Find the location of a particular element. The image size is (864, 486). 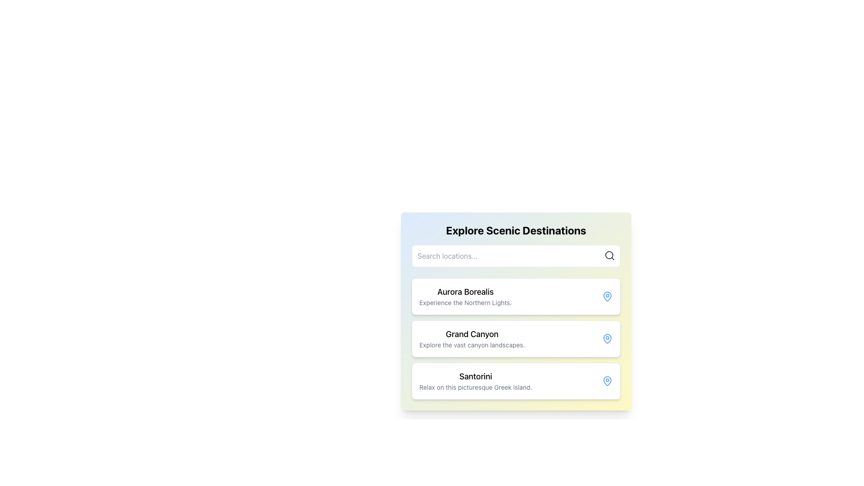

bold medium-sized text displaying 'Santorini' located within the third list item of scenic destinations is located at coordinates (475, 377).